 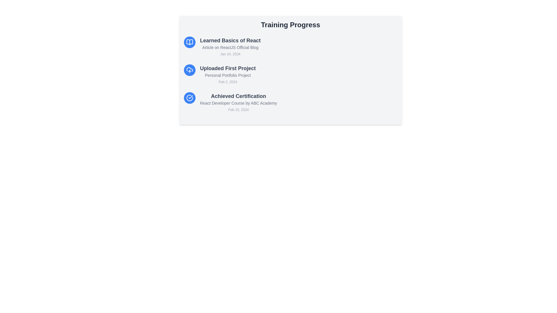 I want to click on the text element displaying 'Learned Basics of React', which is styled as a title in bold, dark gray font within the 'Training Progress' section, so click(x=230, y=40).